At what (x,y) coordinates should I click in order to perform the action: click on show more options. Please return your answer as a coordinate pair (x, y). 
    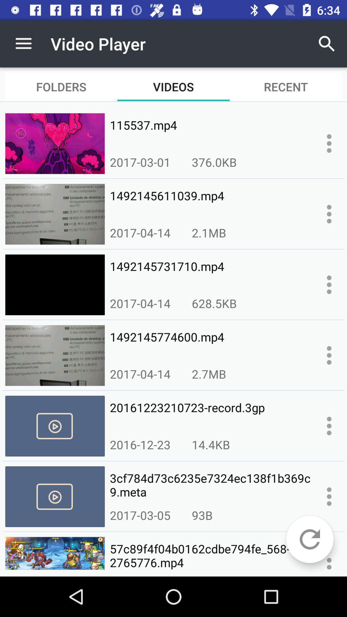
    Looking at the image, I should click on (329, 143).